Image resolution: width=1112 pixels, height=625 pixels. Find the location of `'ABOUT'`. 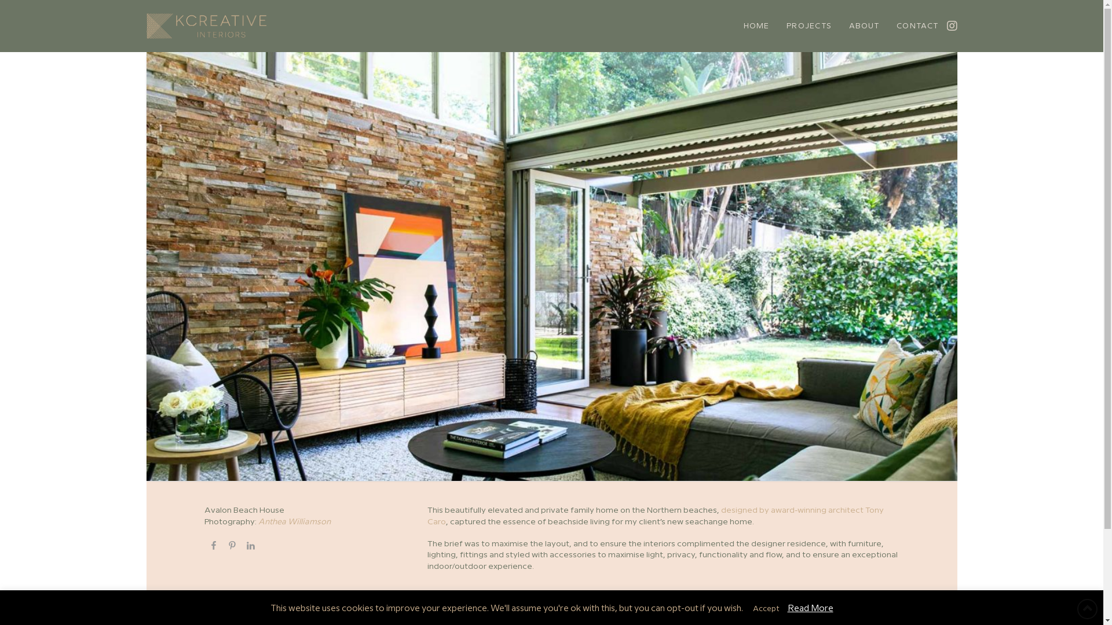

'ABOUT' is located at coordinates (864, 26).